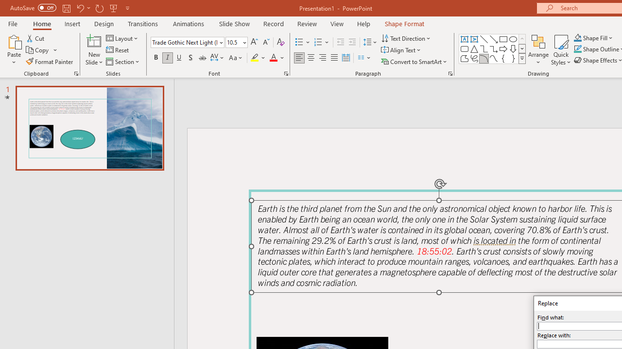 The height and width of the screenshot is (349, 622). What do you see at coordinates (276, 58) in the screenshot?
I see `'Font Color'` at bounding box center [276, 58].